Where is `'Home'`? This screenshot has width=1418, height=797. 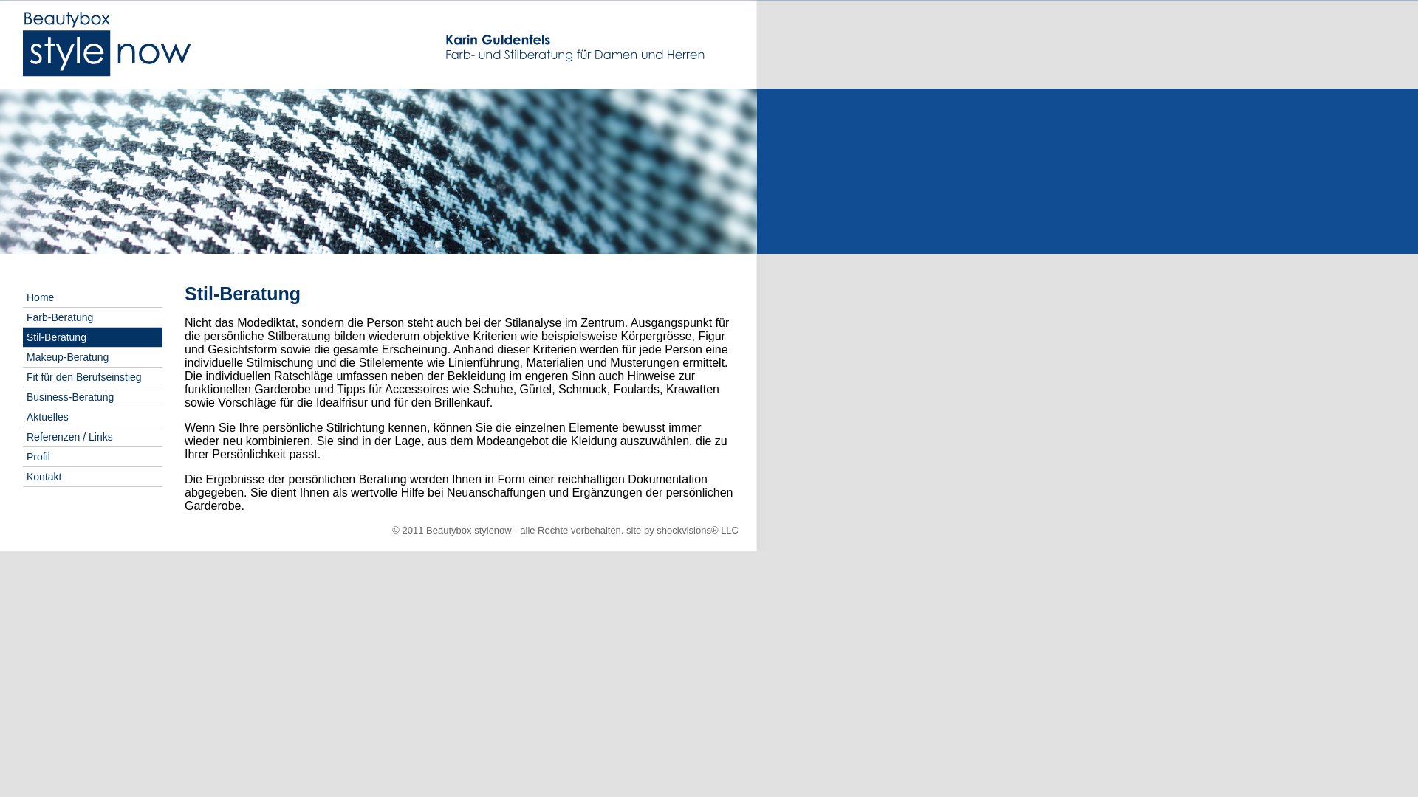 'Home' is located at coordinates (92, 297).